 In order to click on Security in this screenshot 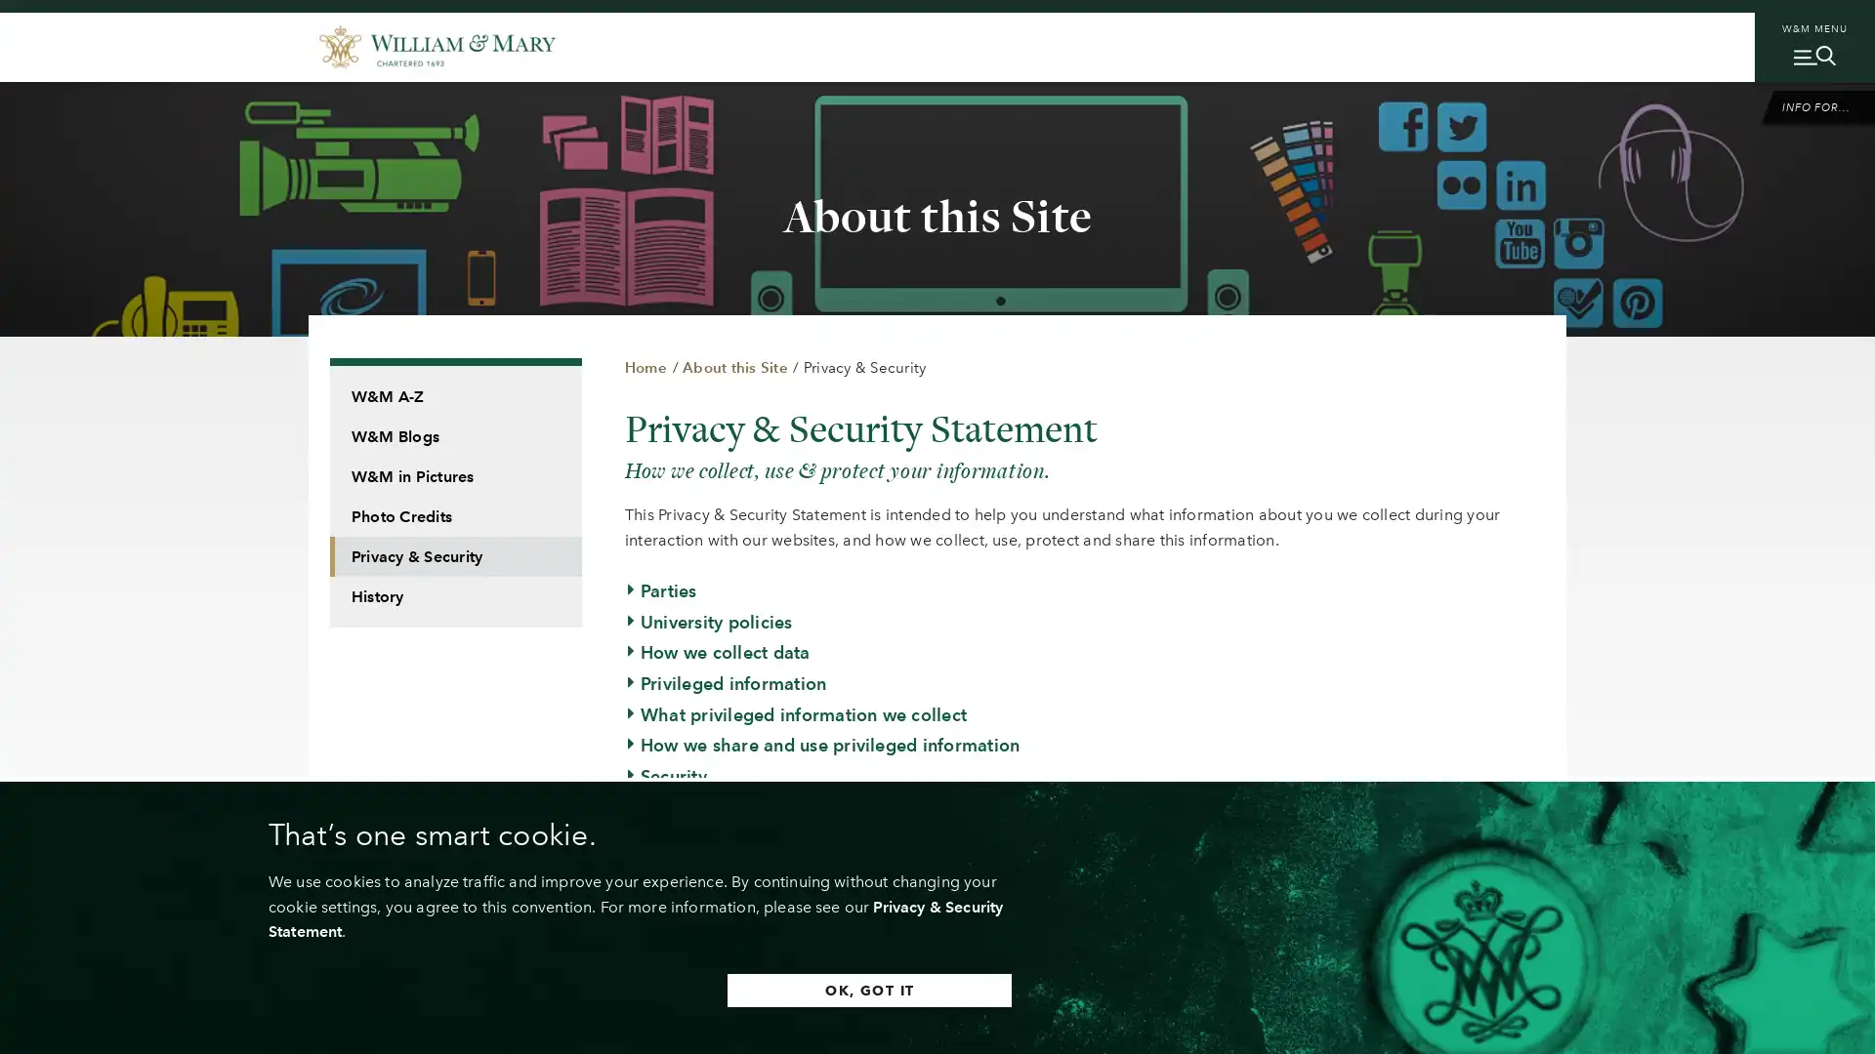, I will do `click(665, 775)`.